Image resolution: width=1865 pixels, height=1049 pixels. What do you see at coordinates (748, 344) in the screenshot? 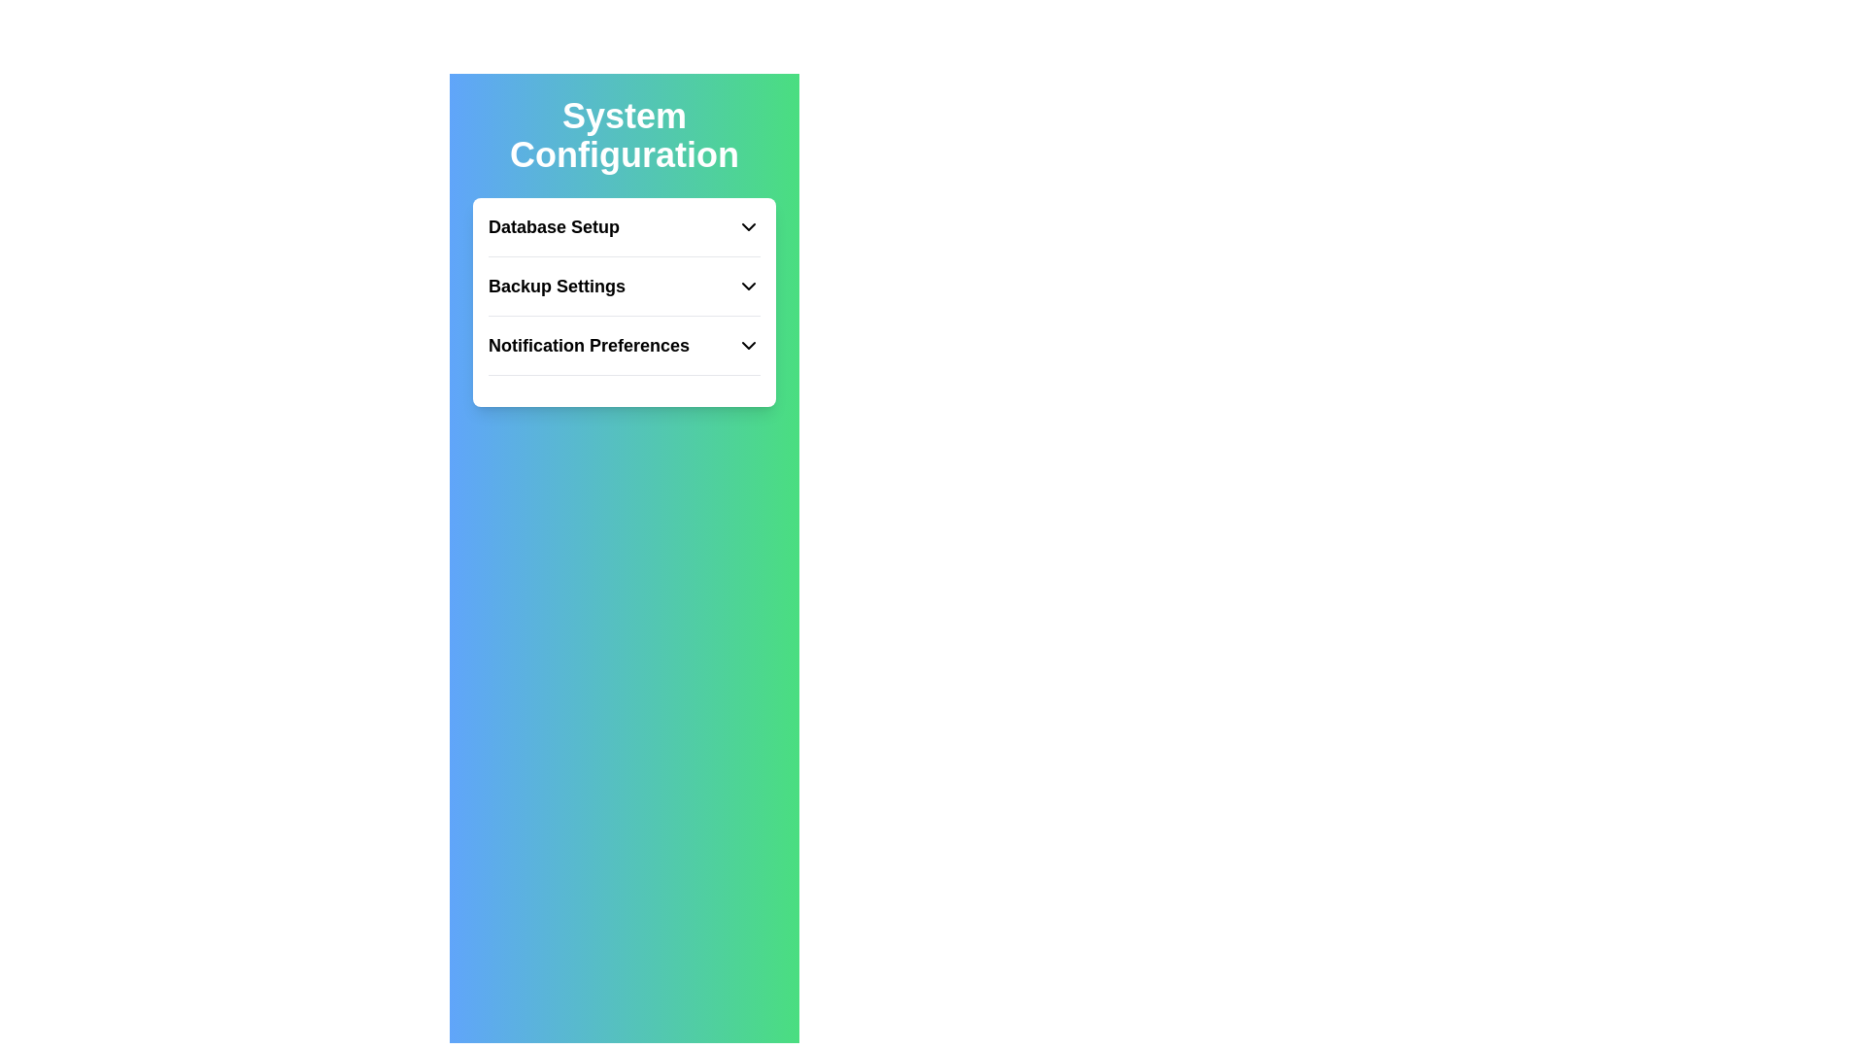
I see `the Chevron icon located in the third row at the far-right side of the 'Notification Preferences' label` at bounding box center [748, 344].